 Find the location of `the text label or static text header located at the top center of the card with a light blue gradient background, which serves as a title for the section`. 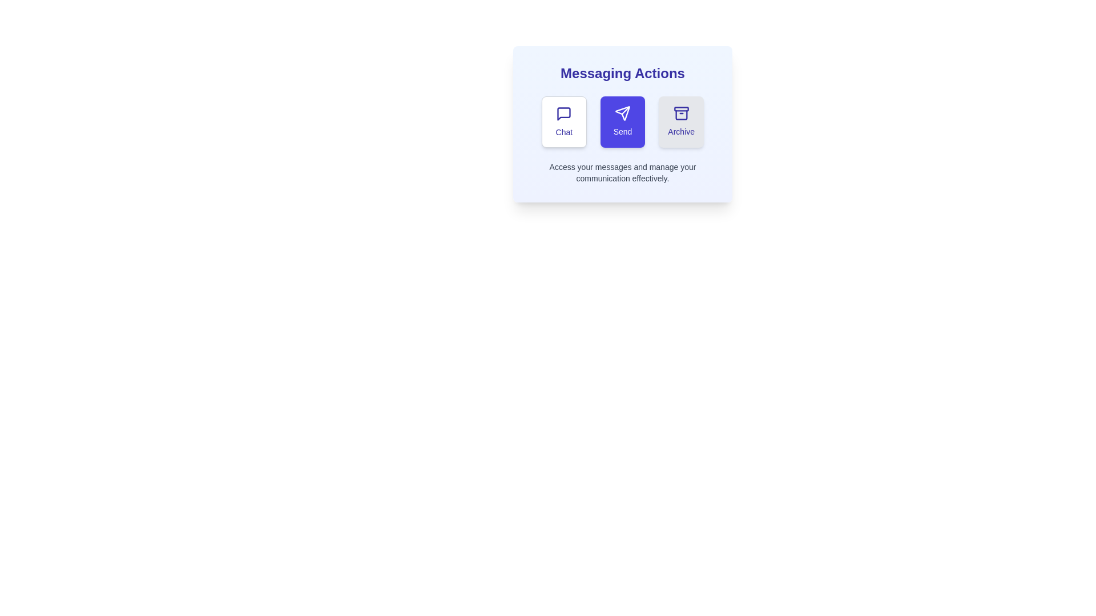

the text label or static text header located at the top center of the card with a light blue gradient background, which serves as a title for the section is located at coordinates (622, 73).